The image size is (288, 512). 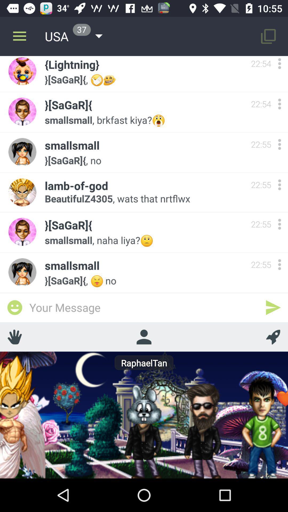 I want to click on upload icon, so click(x=273, y=337).